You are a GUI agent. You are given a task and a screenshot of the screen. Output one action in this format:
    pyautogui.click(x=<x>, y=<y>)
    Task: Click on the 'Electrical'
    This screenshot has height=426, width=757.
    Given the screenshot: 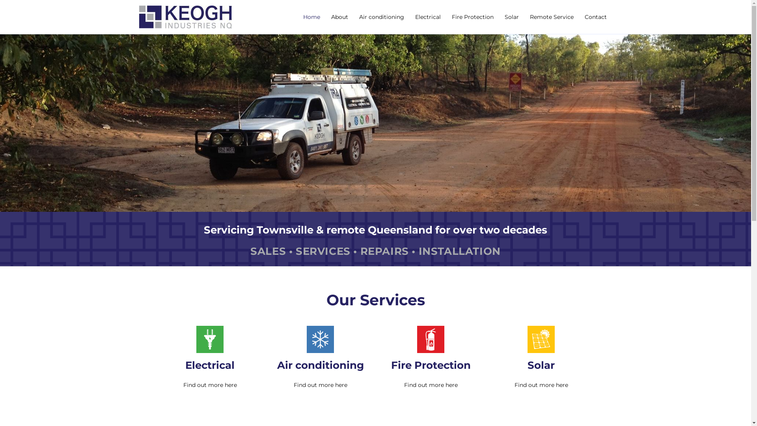 What is the action you would take?
    pyautogui.click(x=427, y=17)
    